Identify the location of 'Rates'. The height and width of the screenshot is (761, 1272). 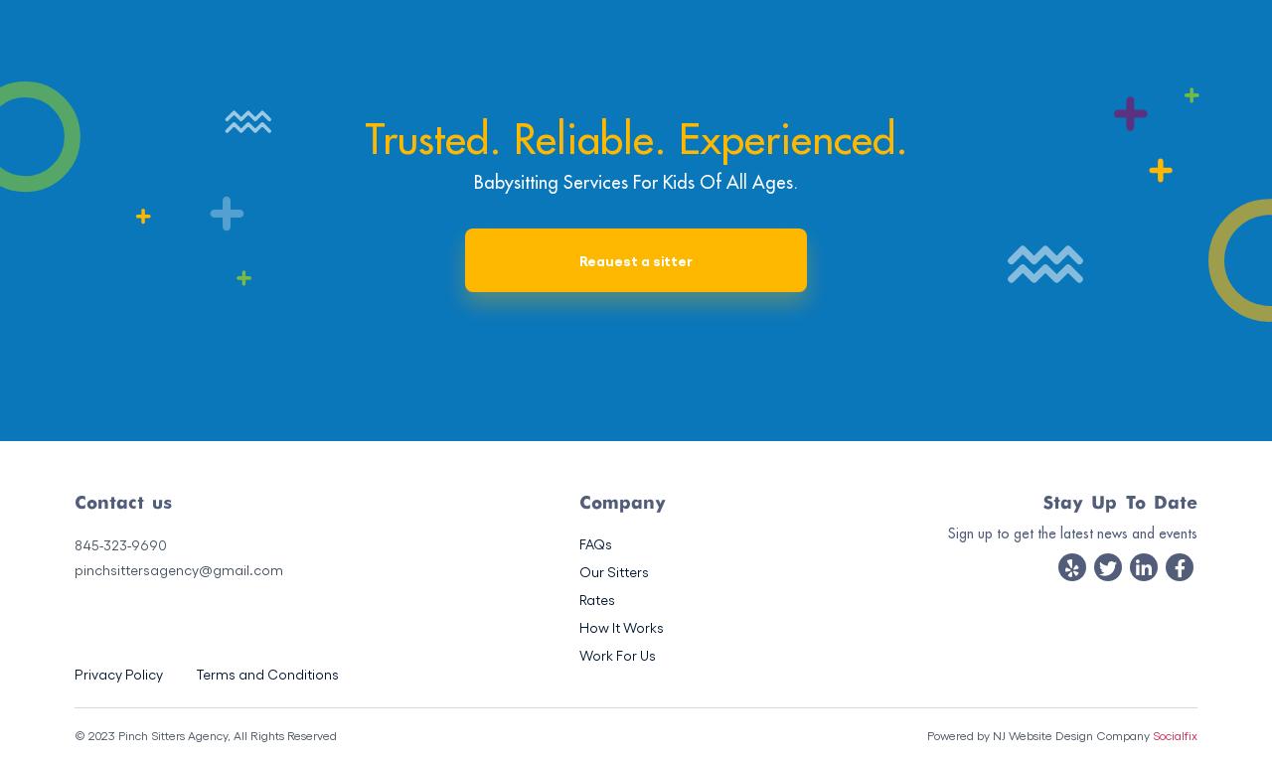
(595, 599).